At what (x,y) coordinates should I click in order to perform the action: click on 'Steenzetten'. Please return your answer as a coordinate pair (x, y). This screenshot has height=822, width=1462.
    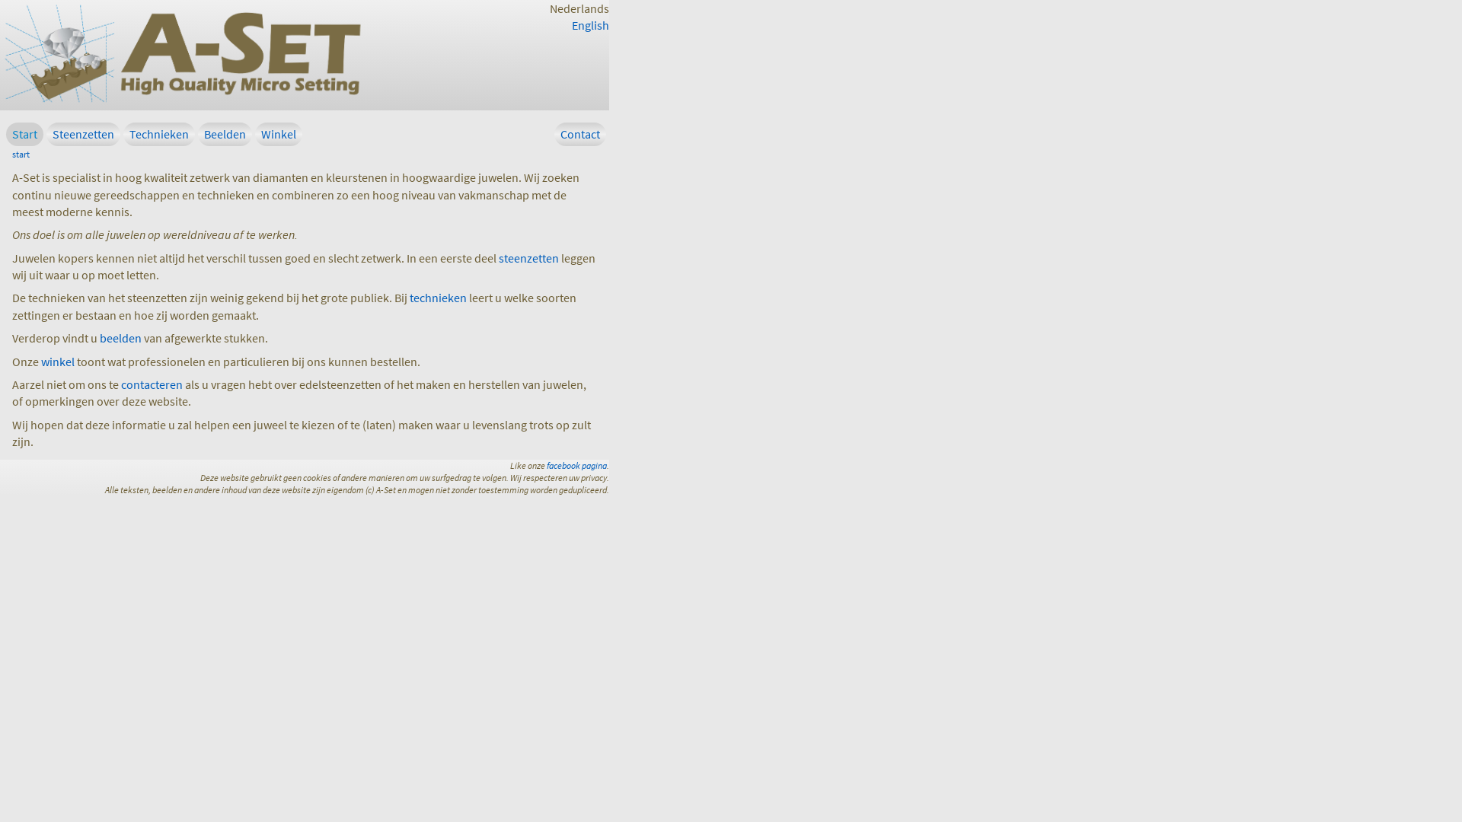
    Looking at the image, I should click on (82, 133).